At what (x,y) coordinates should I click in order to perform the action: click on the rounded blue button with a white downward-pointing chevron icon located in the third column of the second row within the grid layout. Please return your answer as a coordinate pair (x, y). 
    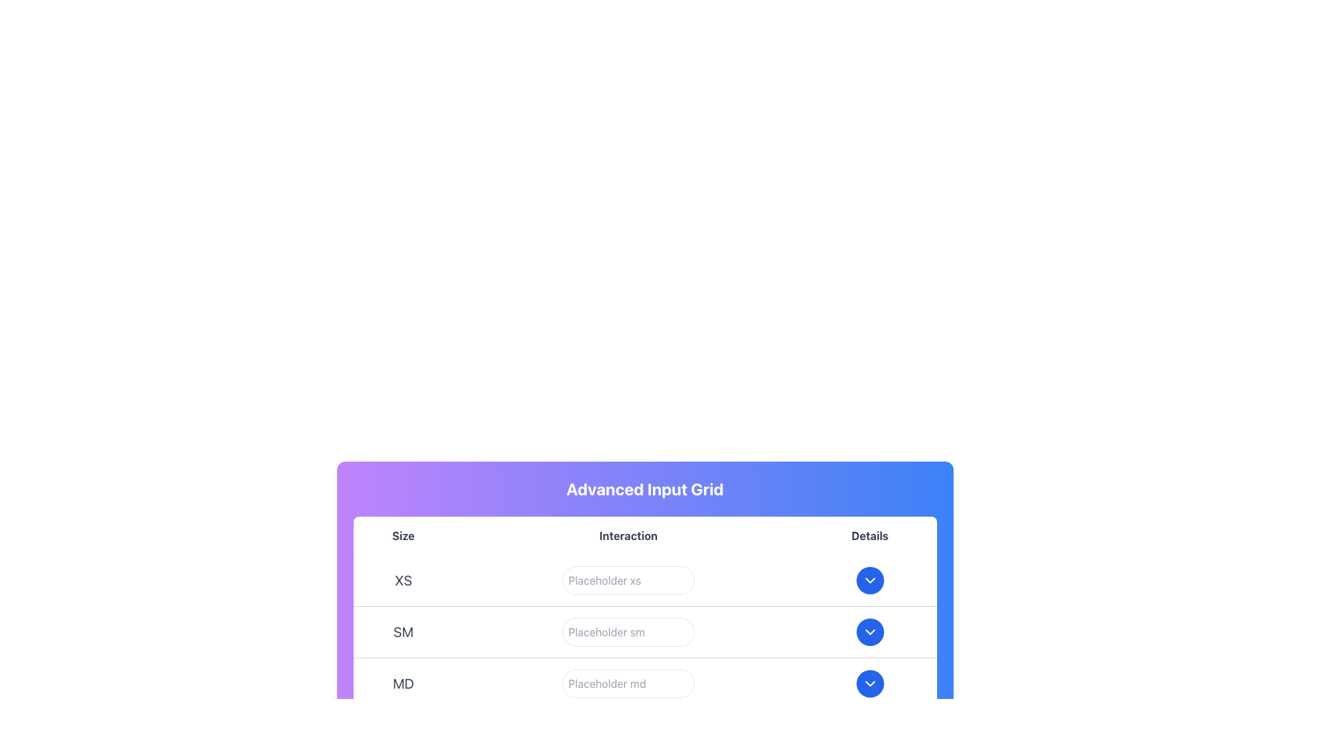
    Looking at the image, I should click on (868, 632).